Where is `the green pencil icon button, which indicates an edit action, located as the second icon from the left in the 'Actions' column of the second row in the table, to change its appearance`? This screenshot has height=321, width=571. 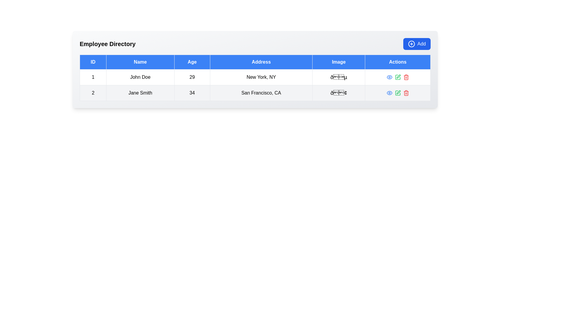
the green pencil icon button, which indicates an edit action, located as the second icon from the left in the 'Actions' column of the second row in the table, to change its appearance is located at coordinates (398, 93).